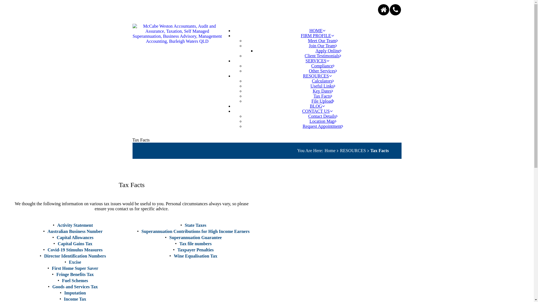 The image size is (538, 302). What do you see at coordinates (383, 10) in the screenshot?
I see `'home'` at bounding box center [383, 10].